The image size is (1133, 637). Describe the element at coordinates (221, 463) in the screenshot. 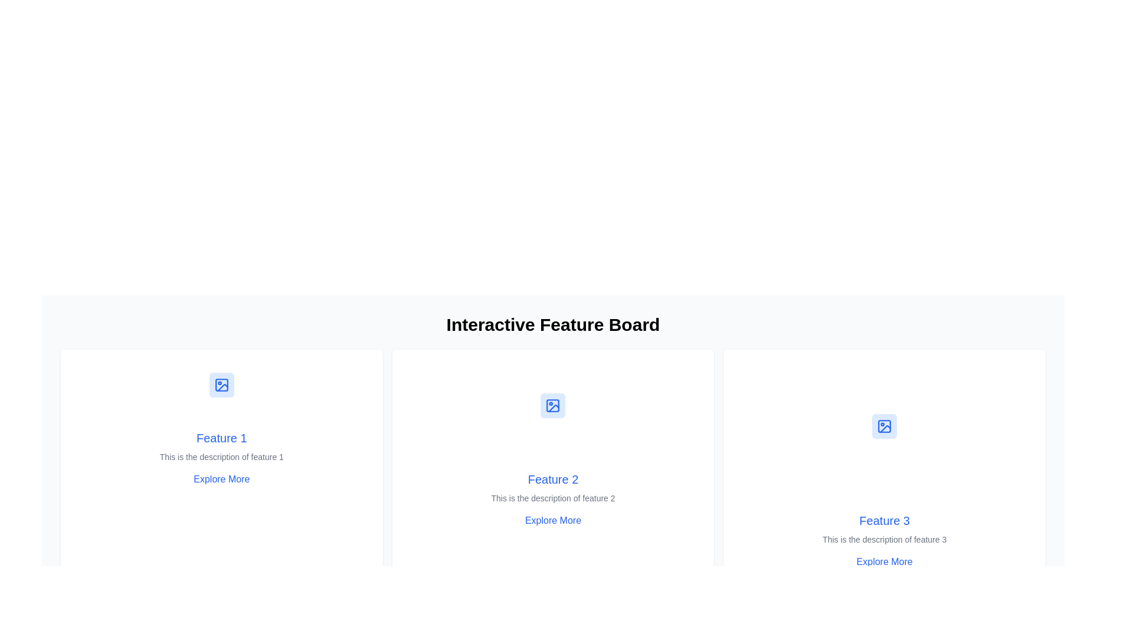

I see `the 'Explore More' link on the Feature card titled 'Feature 1', which is positioned in the top-left corner of the grid layout` at that location.